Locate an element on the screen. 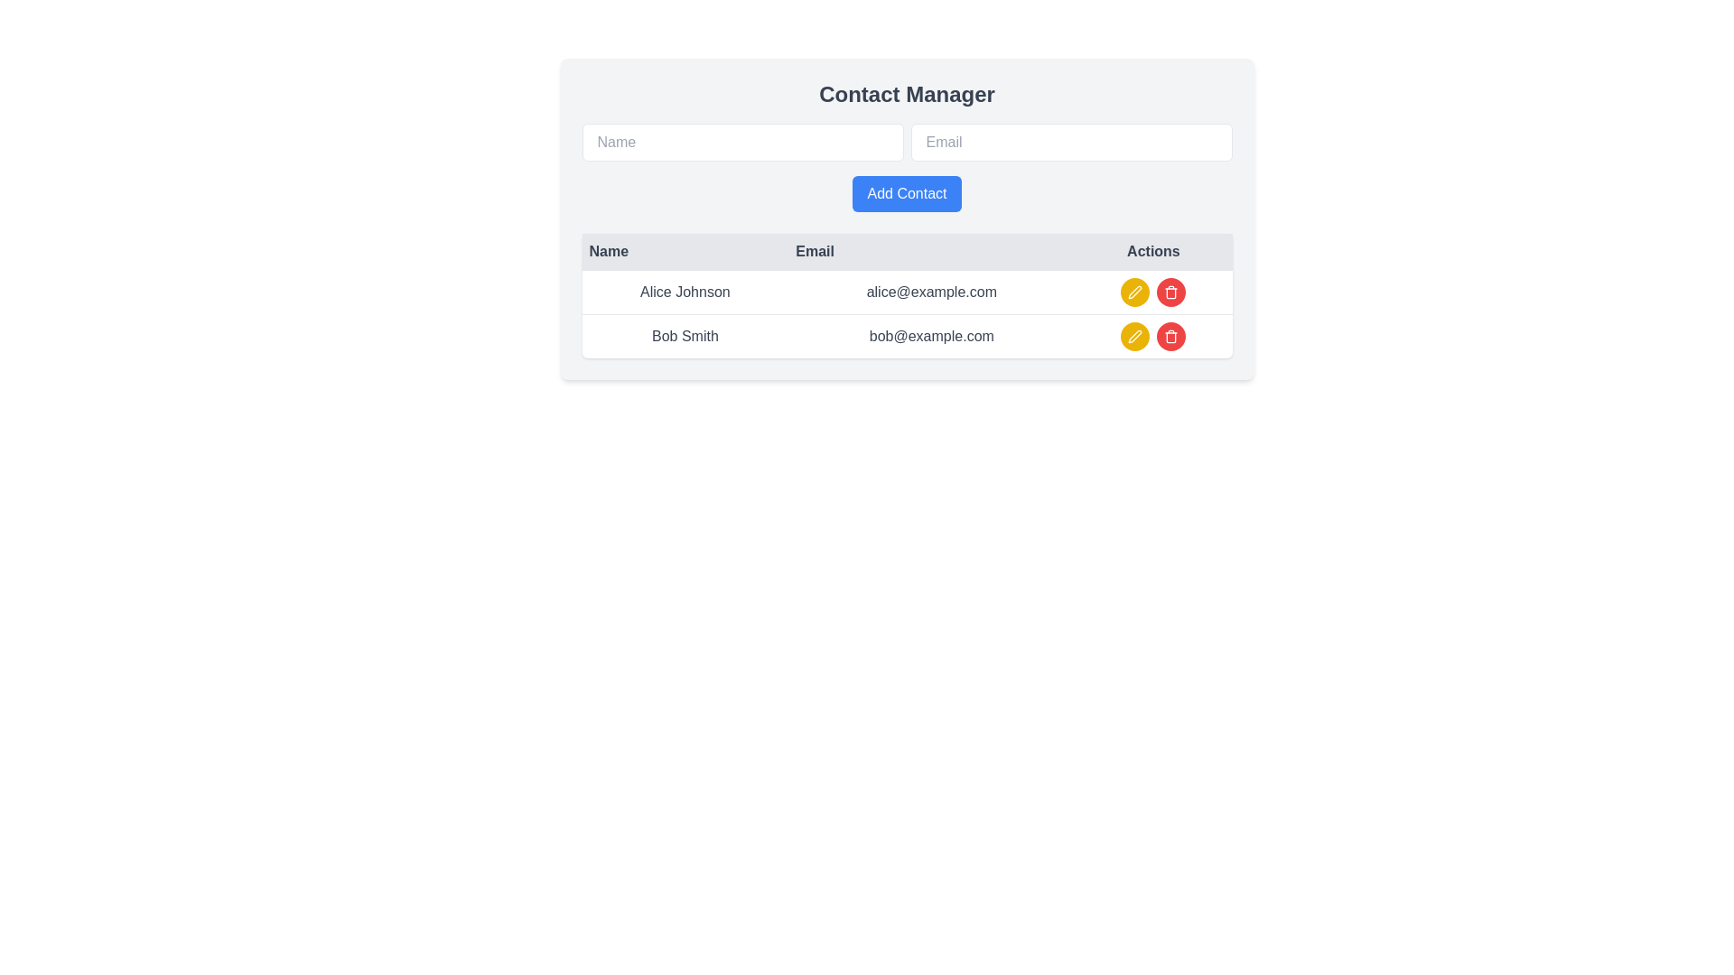  the circular button with a yellow background and a white pen icon, located in the 'Actions' column of the first row is located at coordinates (1134, 292).